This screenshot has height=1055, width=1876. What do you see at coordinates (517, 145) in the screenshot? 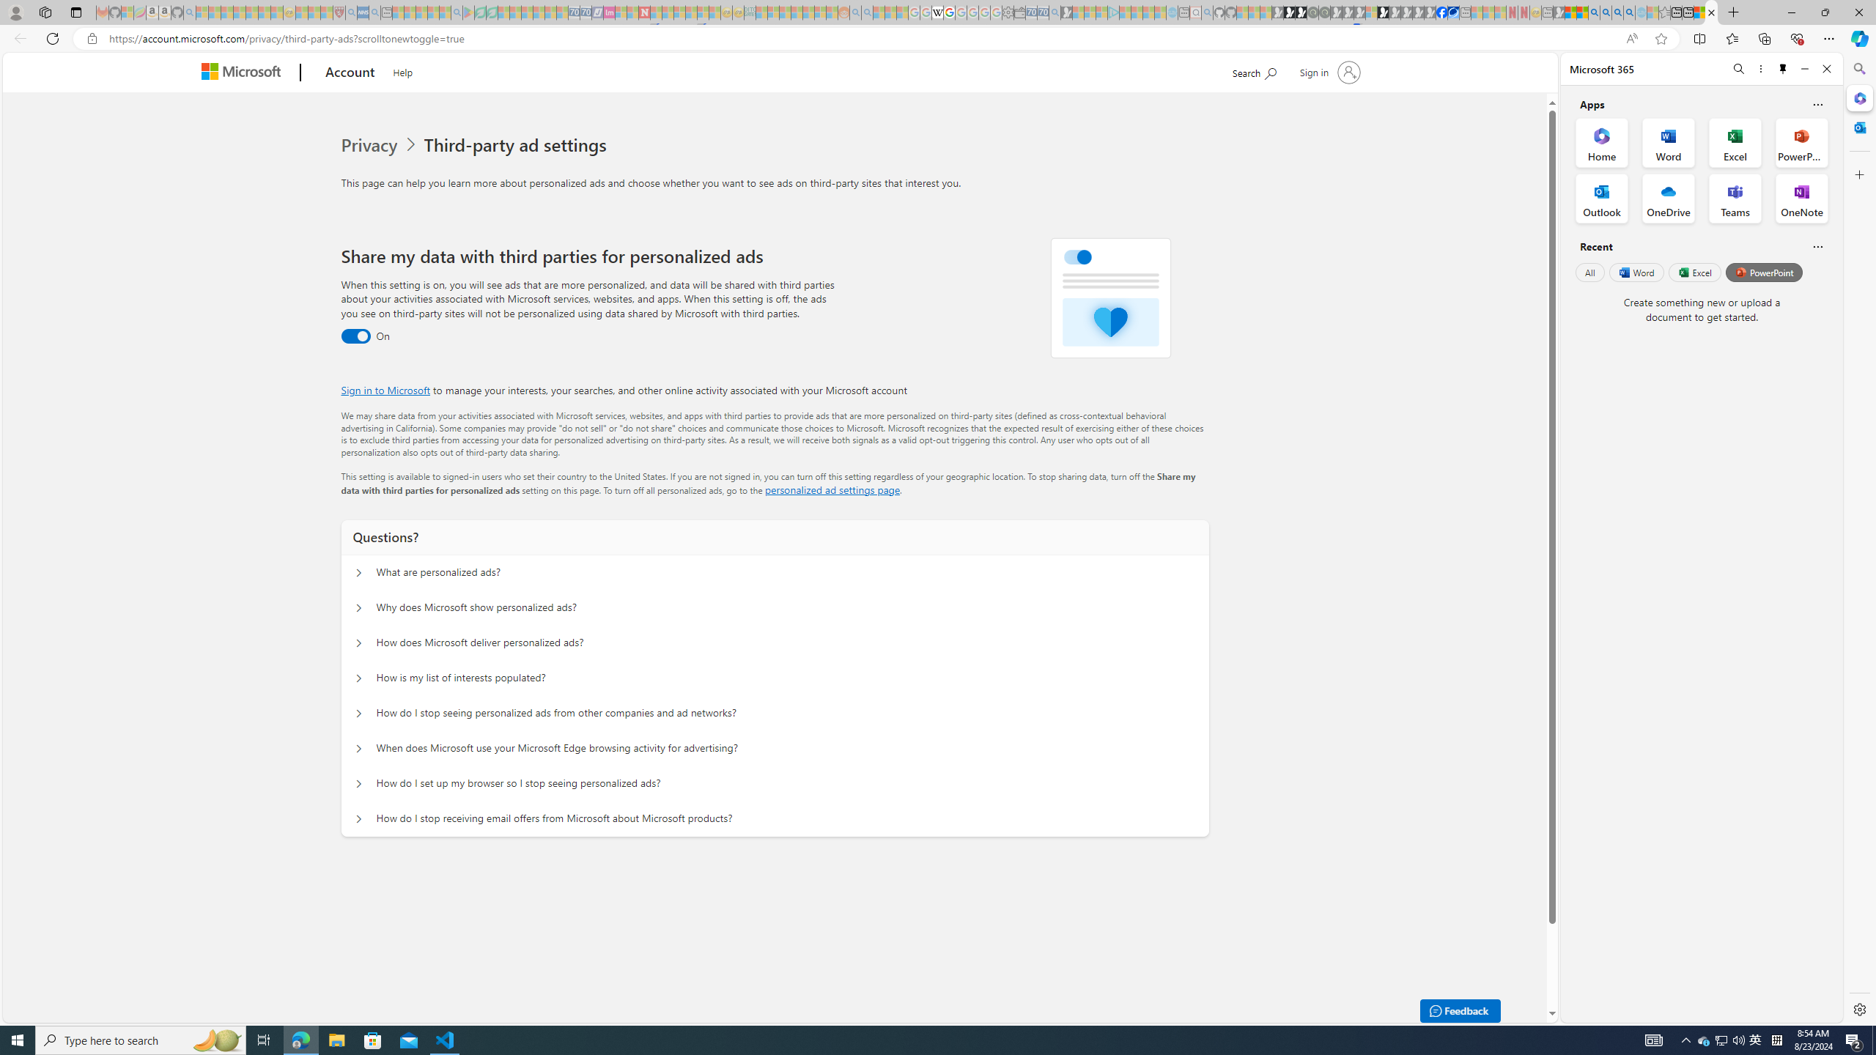
I see `'Third-party ad settings'` at bounding box center [517, 145].